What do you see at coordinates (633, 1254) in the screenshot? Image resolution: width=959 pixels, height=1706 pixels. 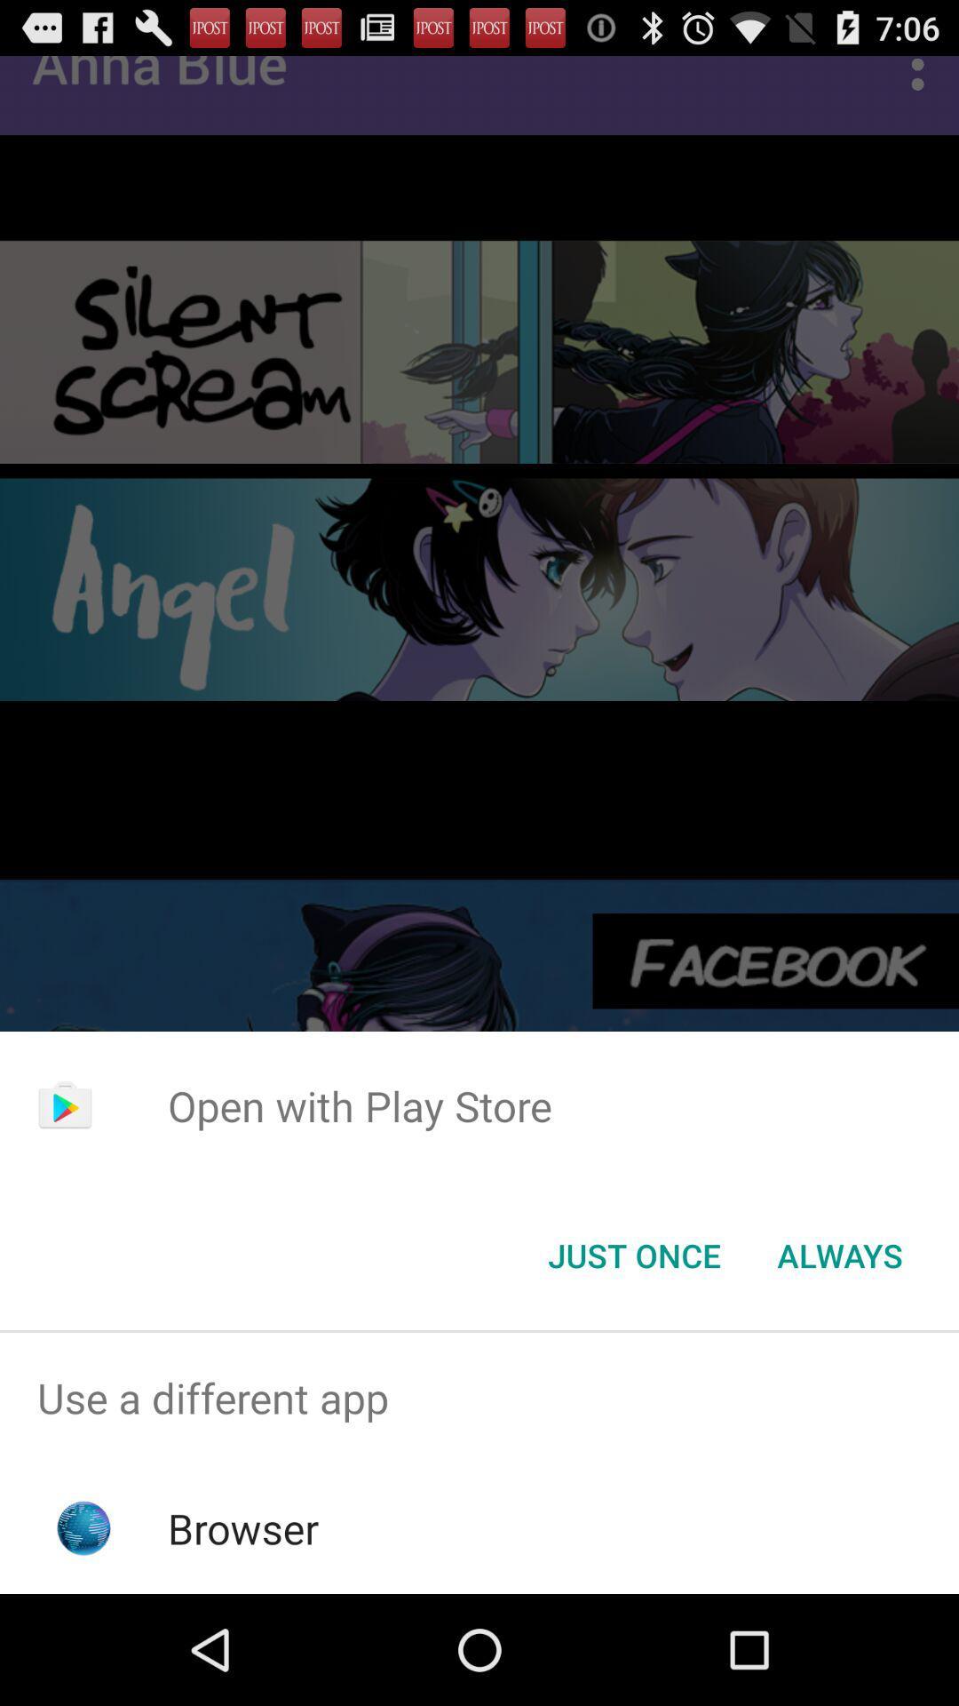 I see `item to the left of the always` at bounding box center [633, 1254].